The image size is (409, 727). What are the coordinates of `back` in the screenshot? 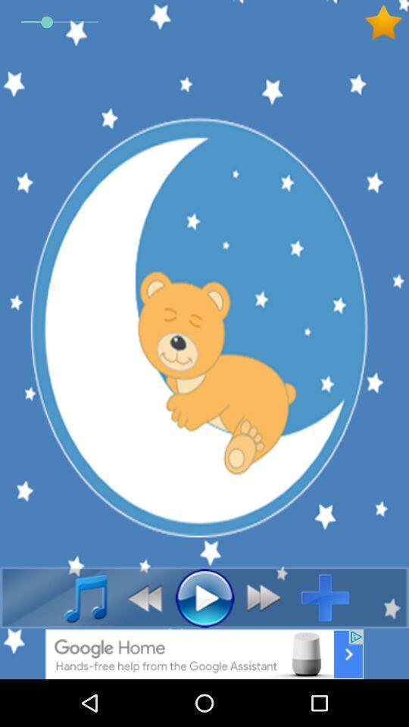 It's located at (267, 598).